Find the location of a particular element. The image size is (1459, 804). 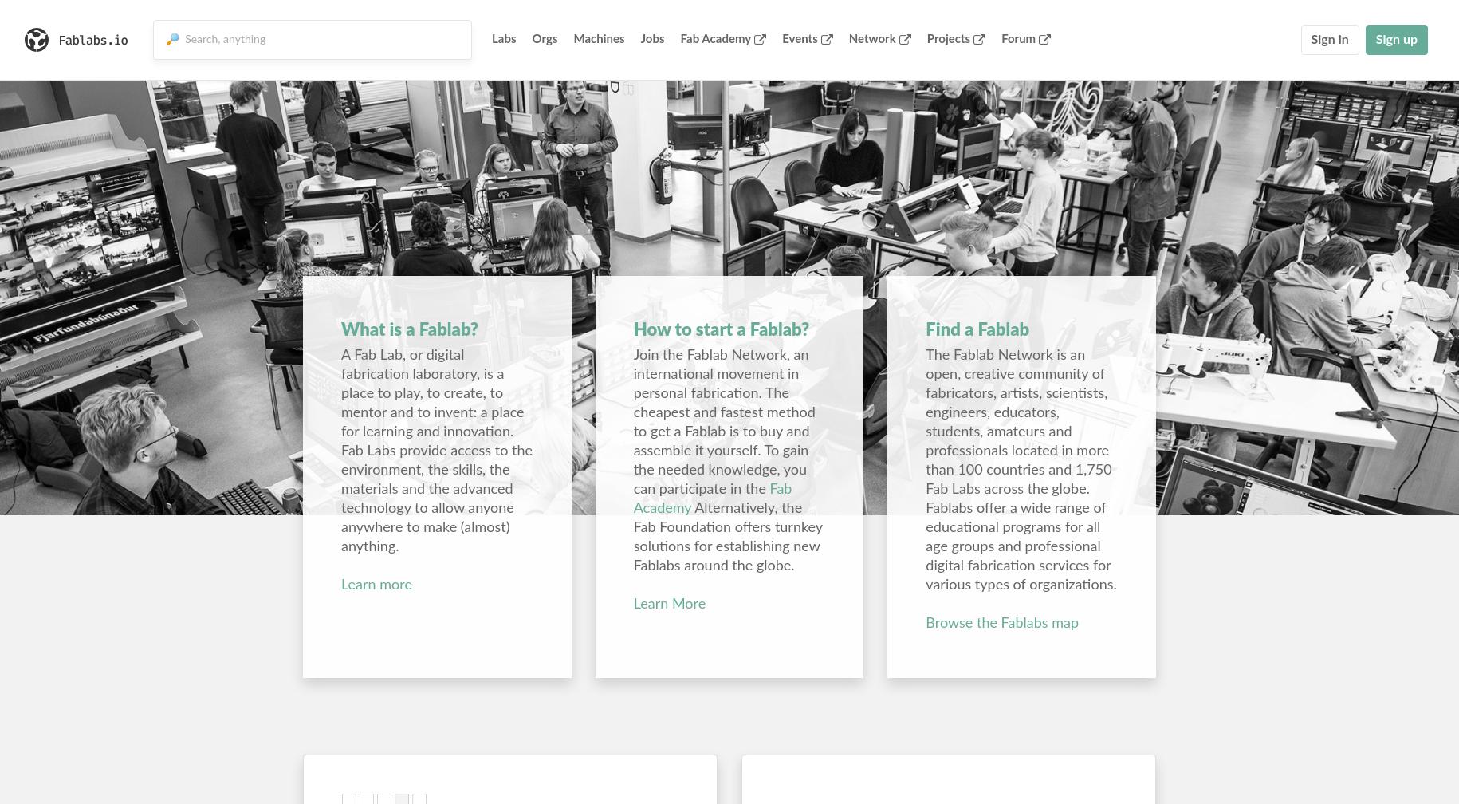

'Sign up' is located at coordinates (1374, 39).